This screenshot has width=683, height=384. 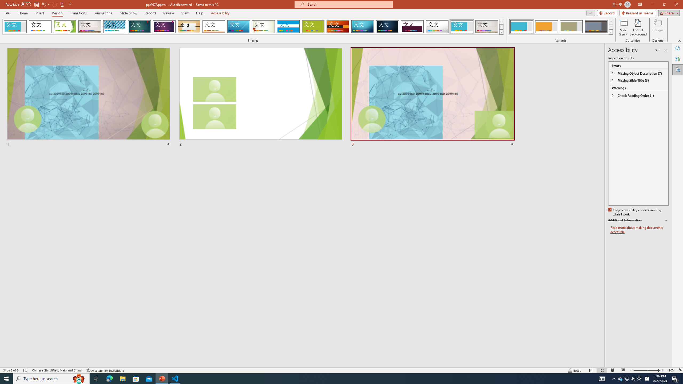 What do you see at coordinates (412, 26) in the screenshot?
I see `'Dividend'` at bounding box center [412, 26].